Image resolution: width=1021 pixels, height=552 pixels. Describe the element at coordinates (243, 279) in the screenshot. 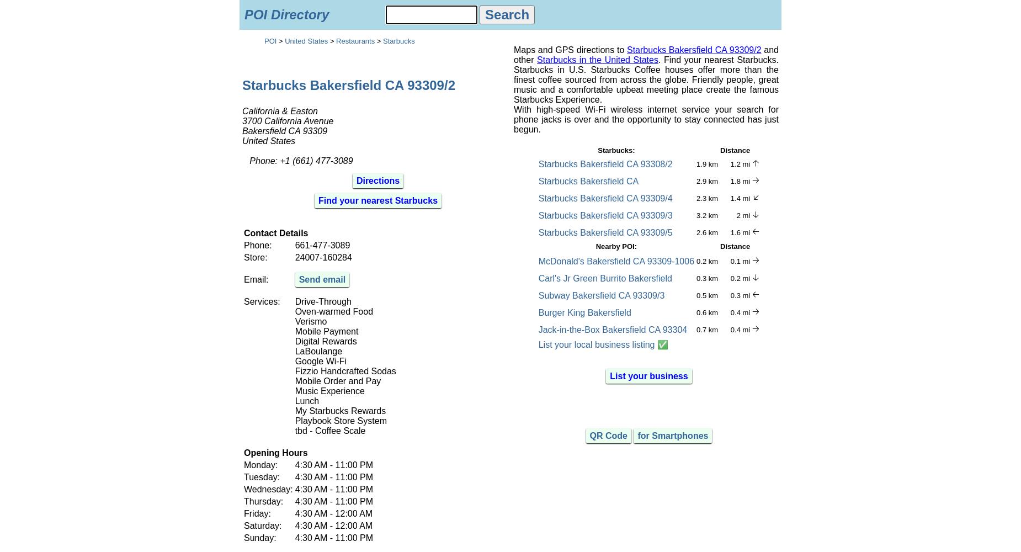

I see `'Email:'` at that location.